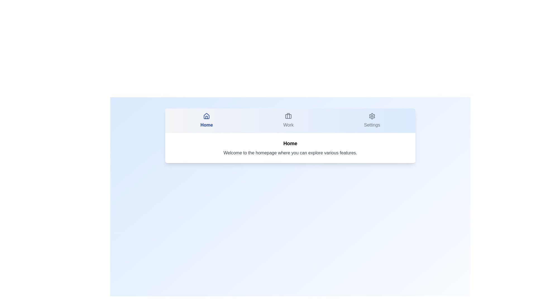 The height and width of the screenshot is (301, 536). I want to click on the Home tab by clicking its corresponding button, so click(206, 120).